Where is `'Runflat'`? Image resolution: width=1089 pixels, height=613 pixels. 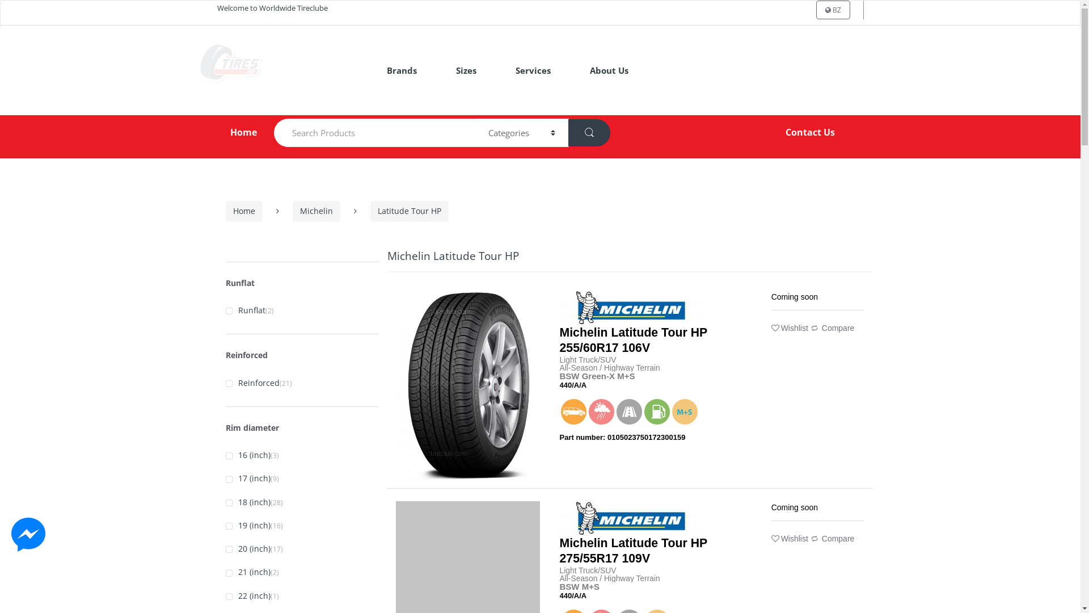
'Runflat' is located at coordinates (244, 310).